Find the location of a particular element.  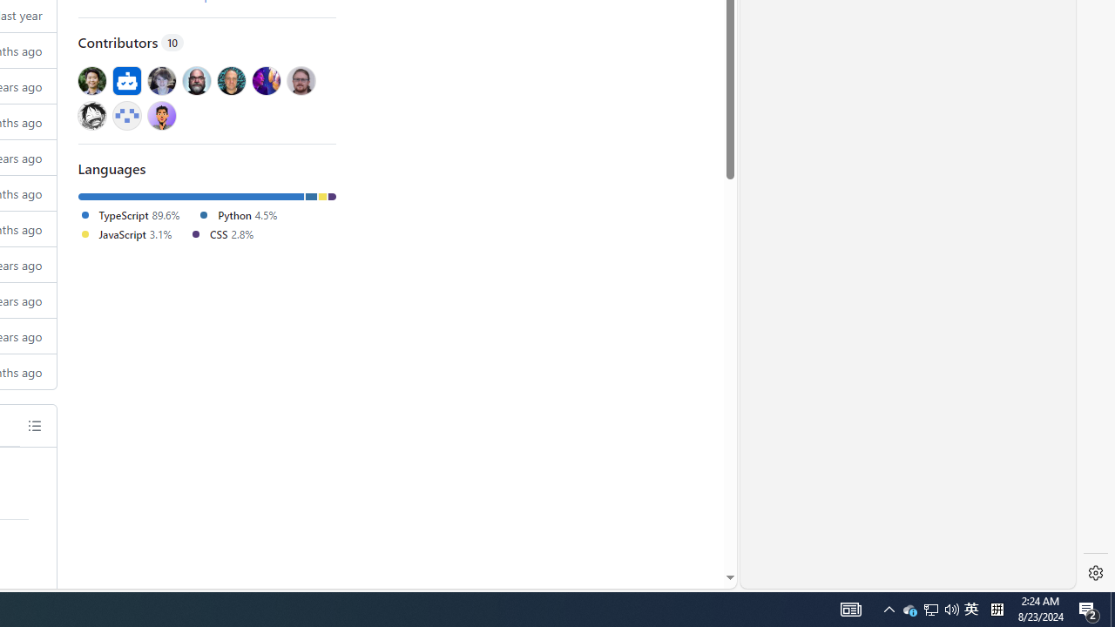

'@mstrzele' is located at coordinates (125, 115).